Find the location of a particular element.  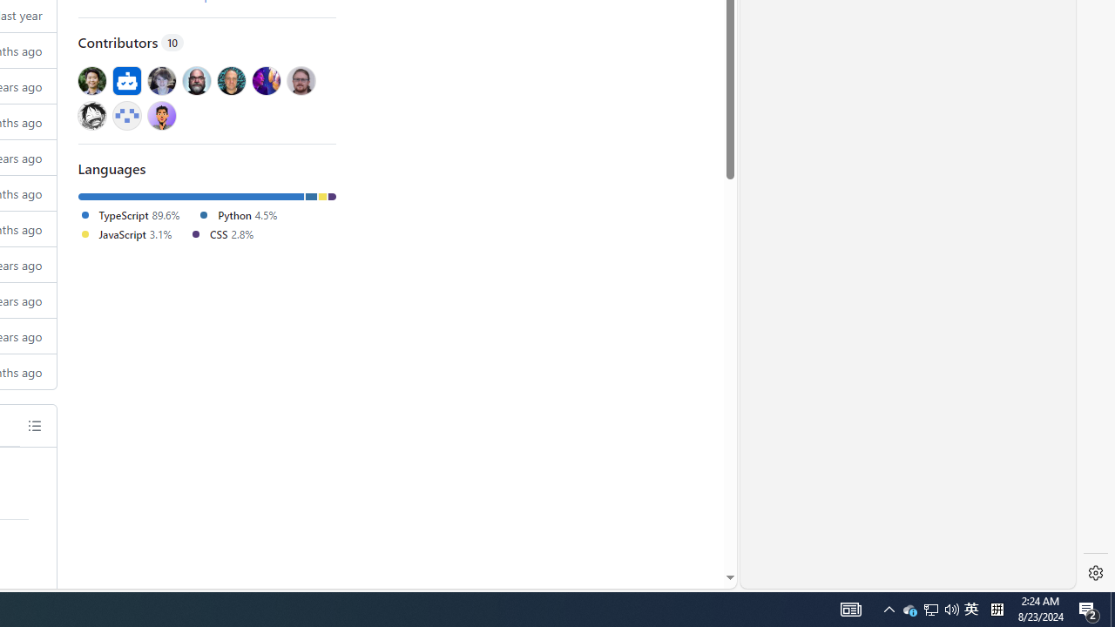

'@mstrzele' is located at coordinates (125, 115).